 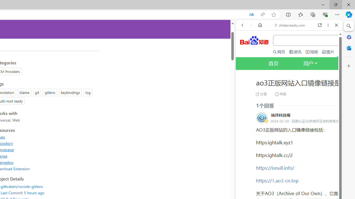 What do you see at coordinates (273, 14) in the screenshot?
I see `'Add this page to favorites (Ctrl+D)'` at bounding box center [273, 14].